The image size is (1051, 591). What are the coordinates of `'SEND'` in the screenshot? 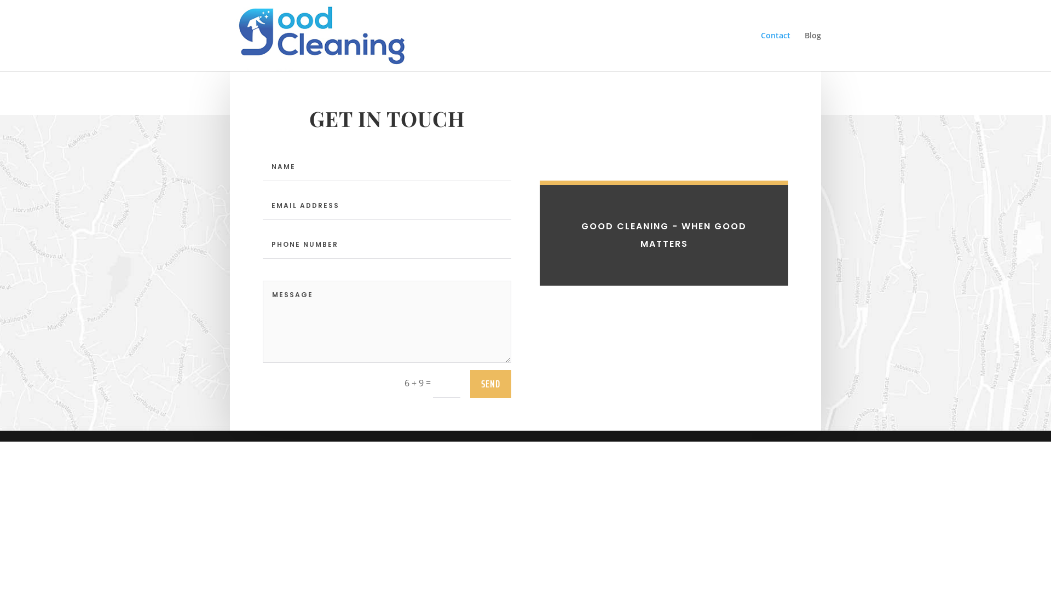 It's located at (490, 383).